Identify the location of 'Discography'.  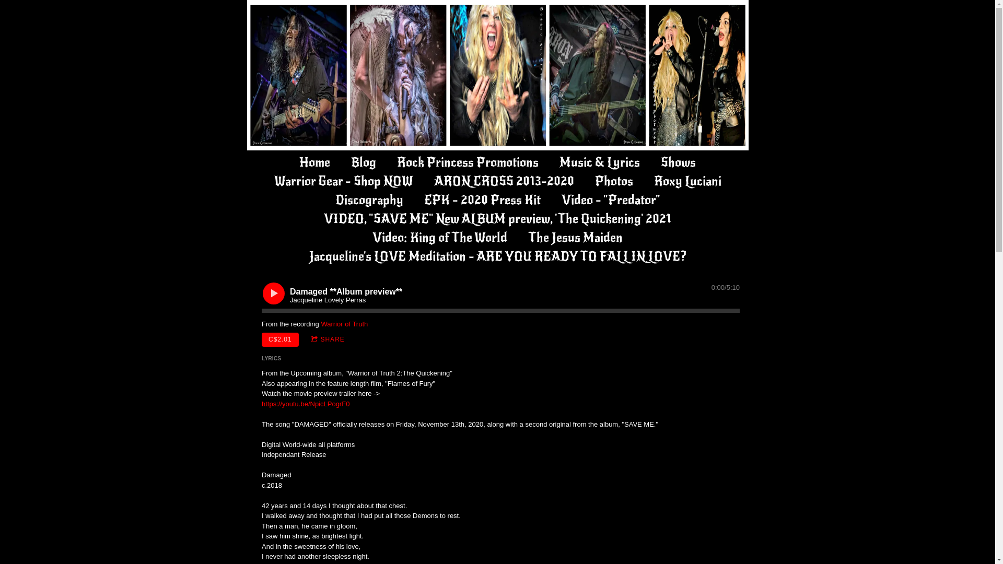
(369, 199).